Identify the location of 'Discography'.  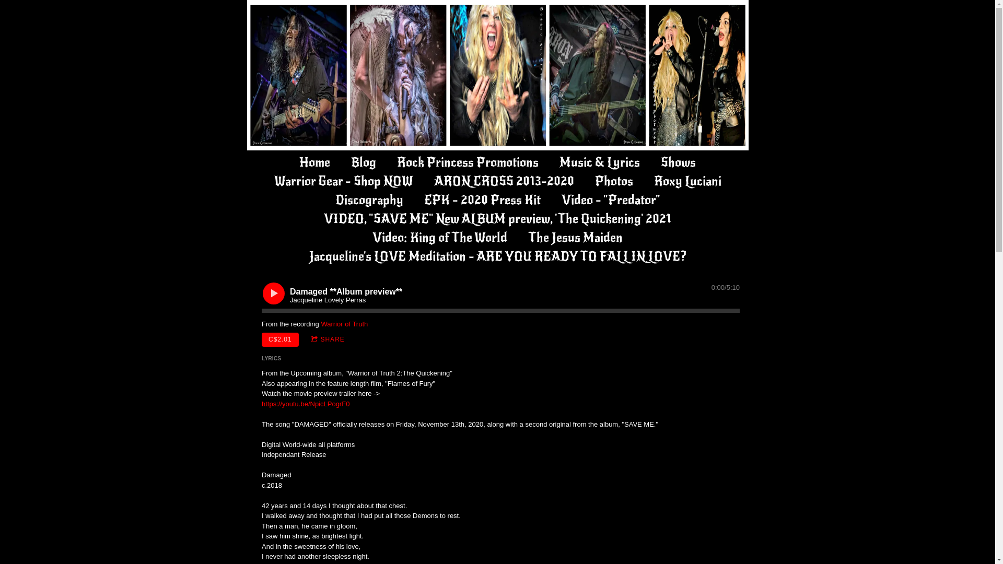
(369, 199).